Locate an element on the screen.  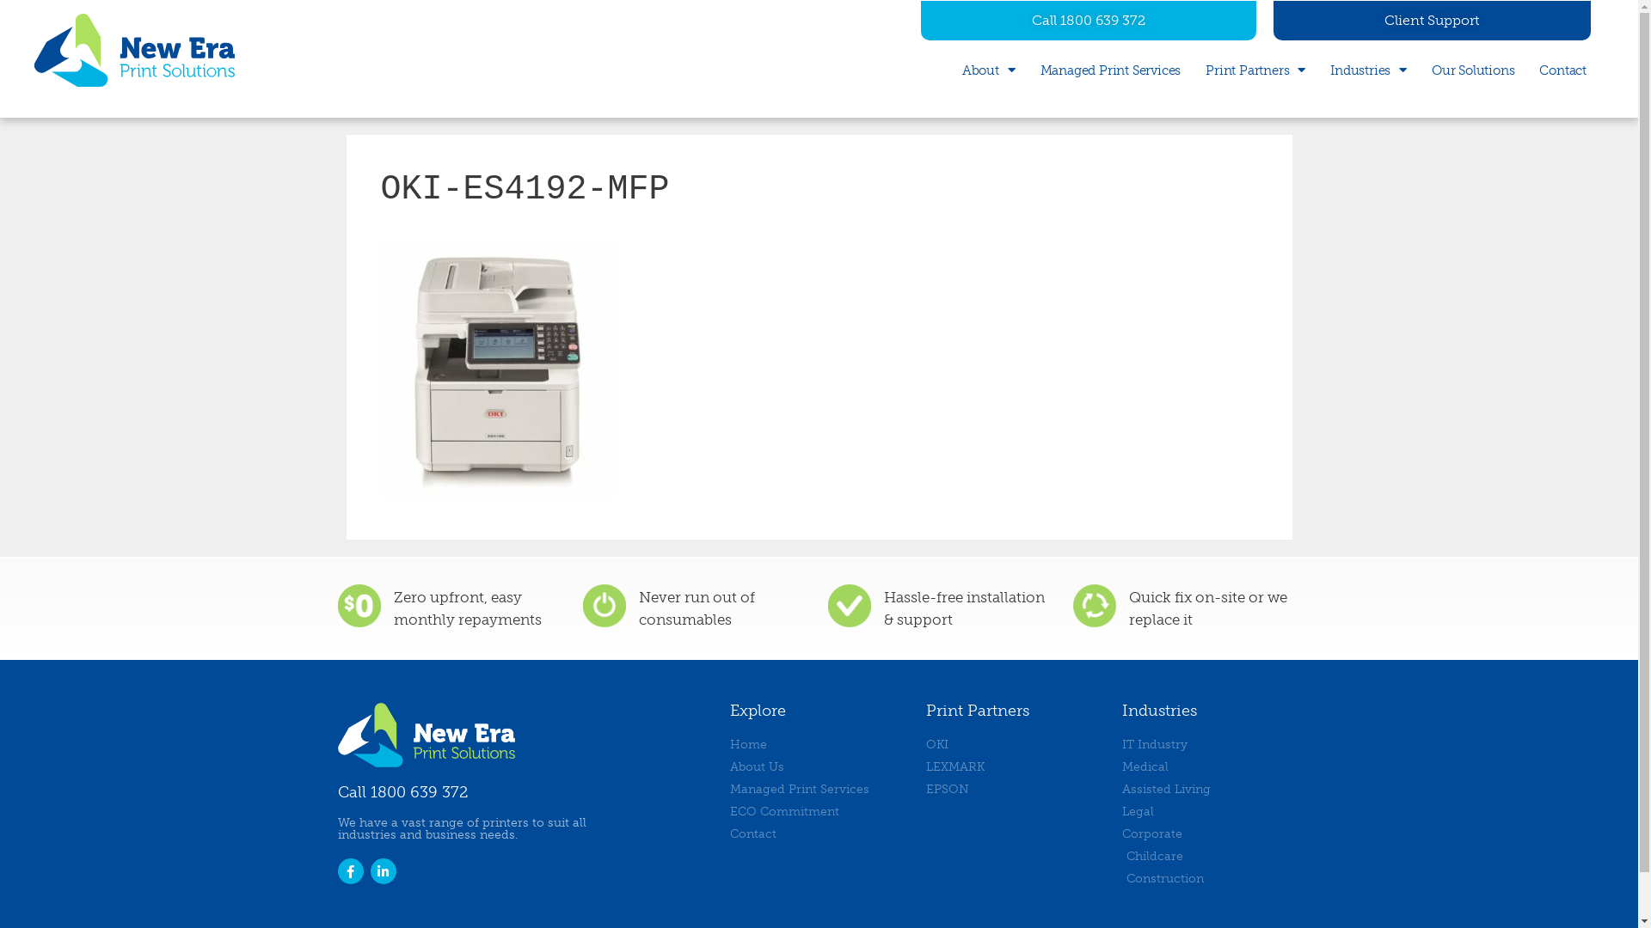
'Call 1800 639 372' is located at coordinates (401, 791).